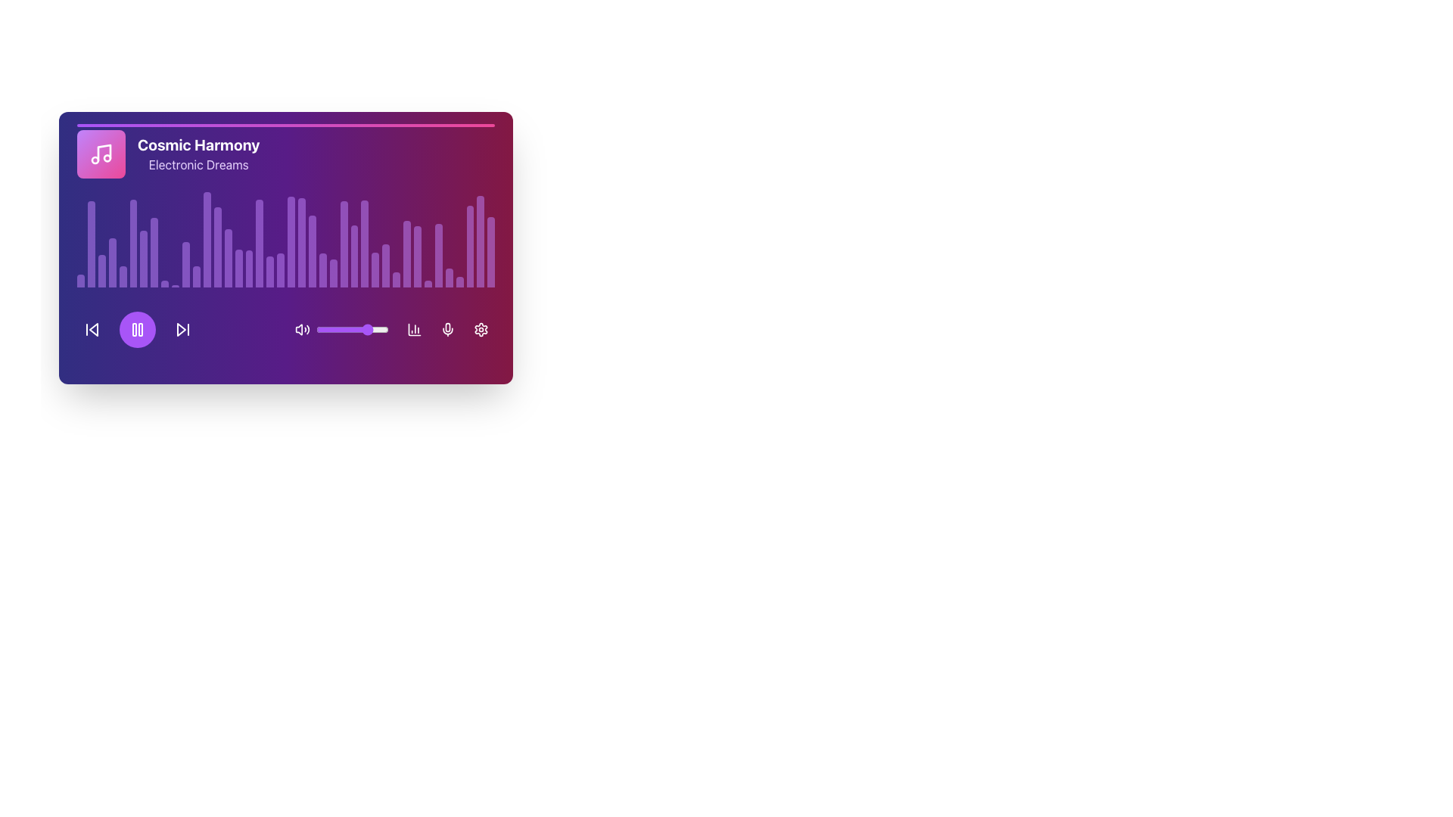 This screenshot has height=817, width=1453. I want to click on the first playback control button, which skips to the previous track in the playlist, so click(91, 328).